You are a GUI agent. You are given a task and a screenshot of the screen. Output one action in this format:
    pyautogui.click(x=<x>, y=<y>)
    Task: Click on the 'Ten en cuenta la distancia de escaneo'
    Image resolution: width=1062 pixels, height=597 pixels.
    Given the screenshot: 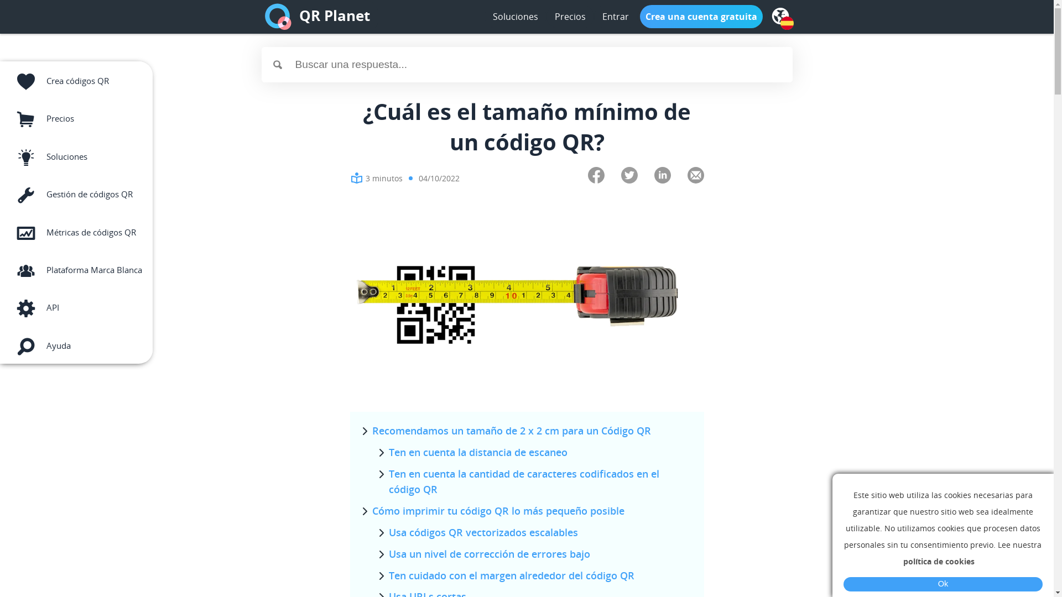 What is the action you would take?
    pyautogui.click(x=477, y=452)
    